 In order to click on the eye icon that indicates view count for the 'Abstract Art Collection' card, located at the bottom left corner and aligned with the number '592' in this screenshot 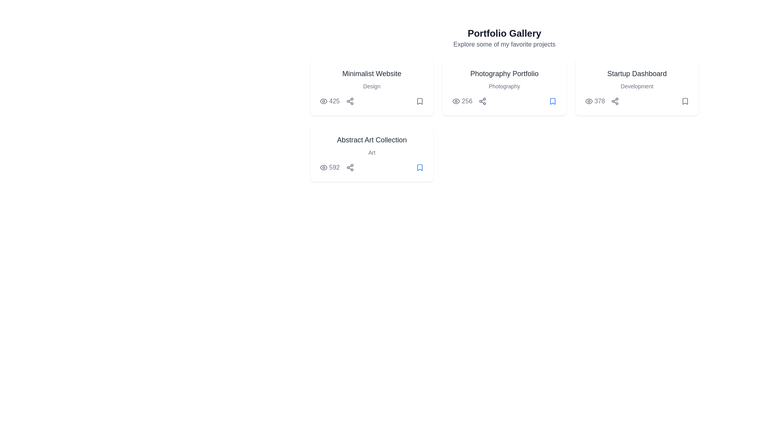, I will do `click(323, 167)`.